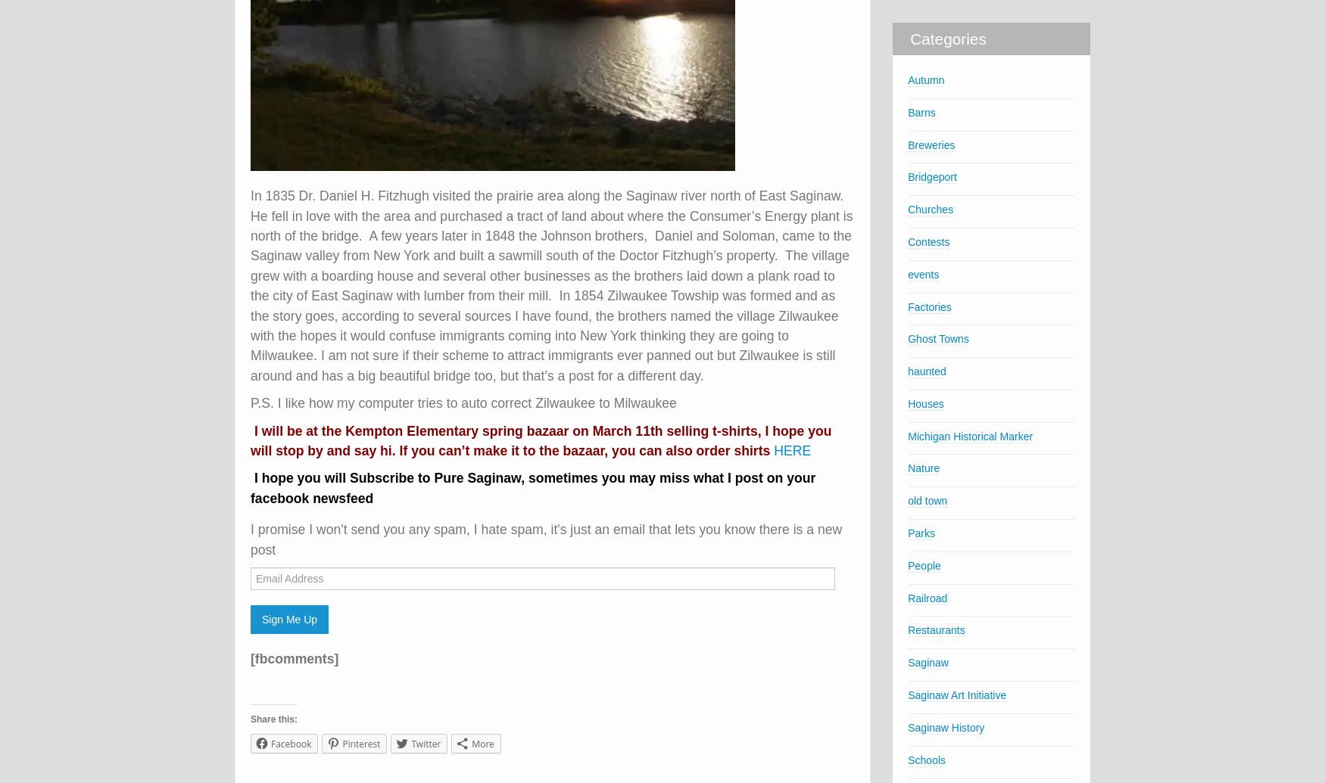  Describe the element at coordinates (921, 533) in the screenshot. I see `'Parks'` at that location.